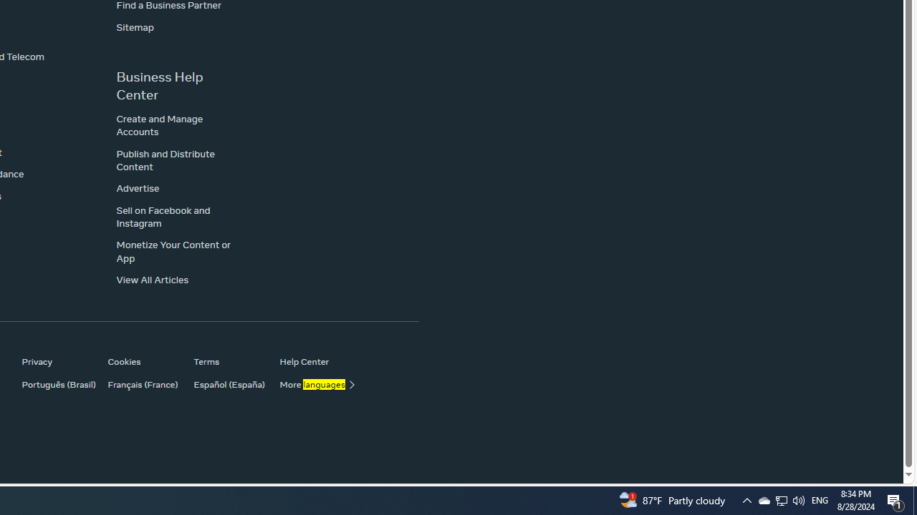  What do you see at coordinates (315, 360) in the screenshot?
I see `'Help Center'` at bounding box center [315, 360].